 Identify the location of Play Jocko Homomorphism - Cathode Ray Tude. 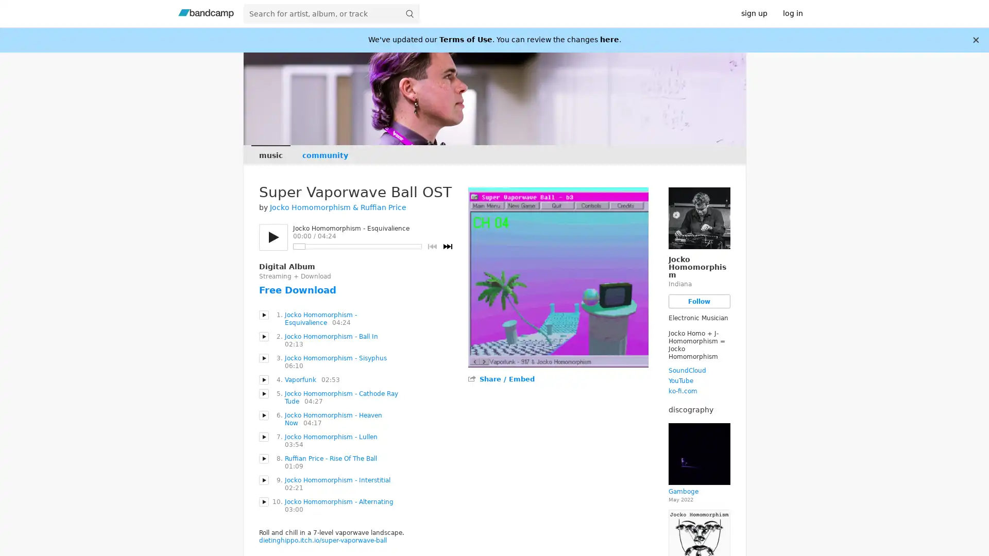
(263, 393).